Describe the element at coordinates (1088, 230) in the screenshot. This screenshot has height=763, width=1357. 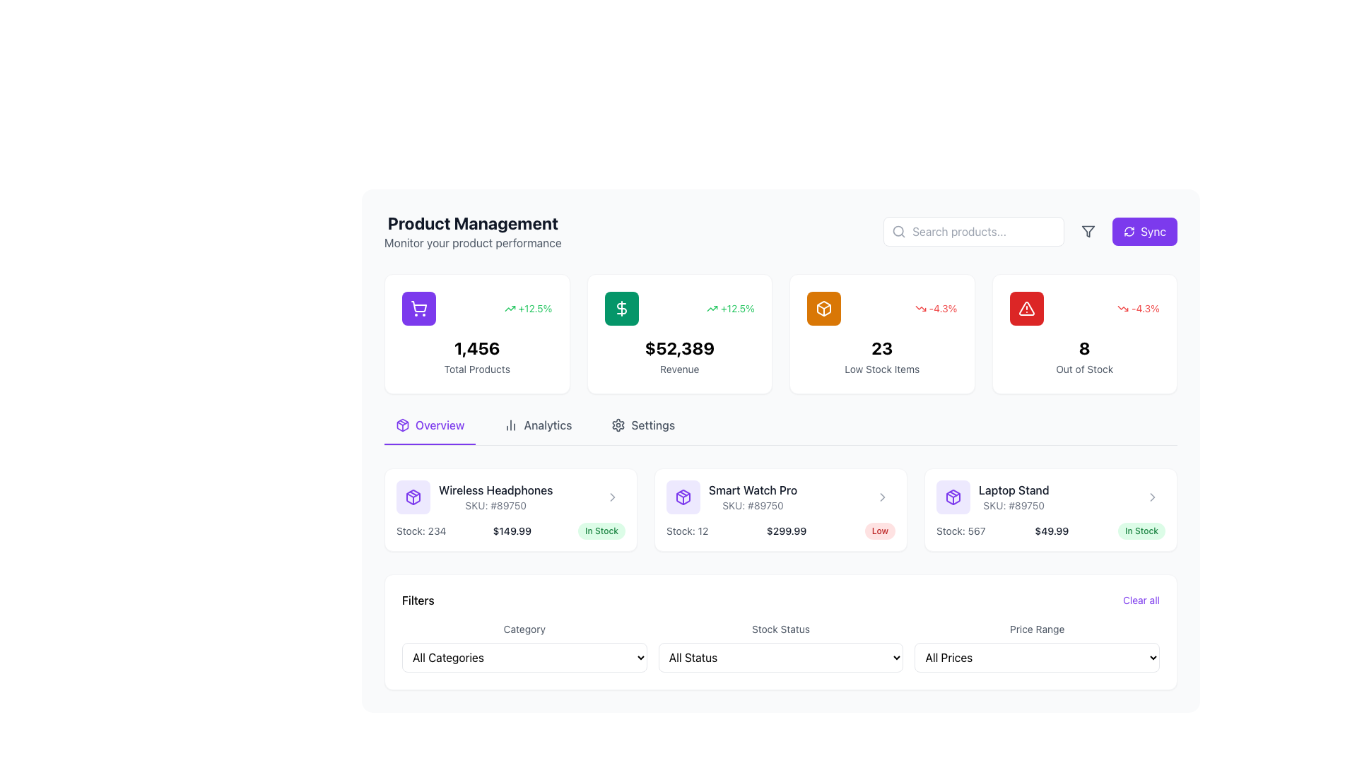
I see `the filter icon located in the top-right region of the interface` at that location.